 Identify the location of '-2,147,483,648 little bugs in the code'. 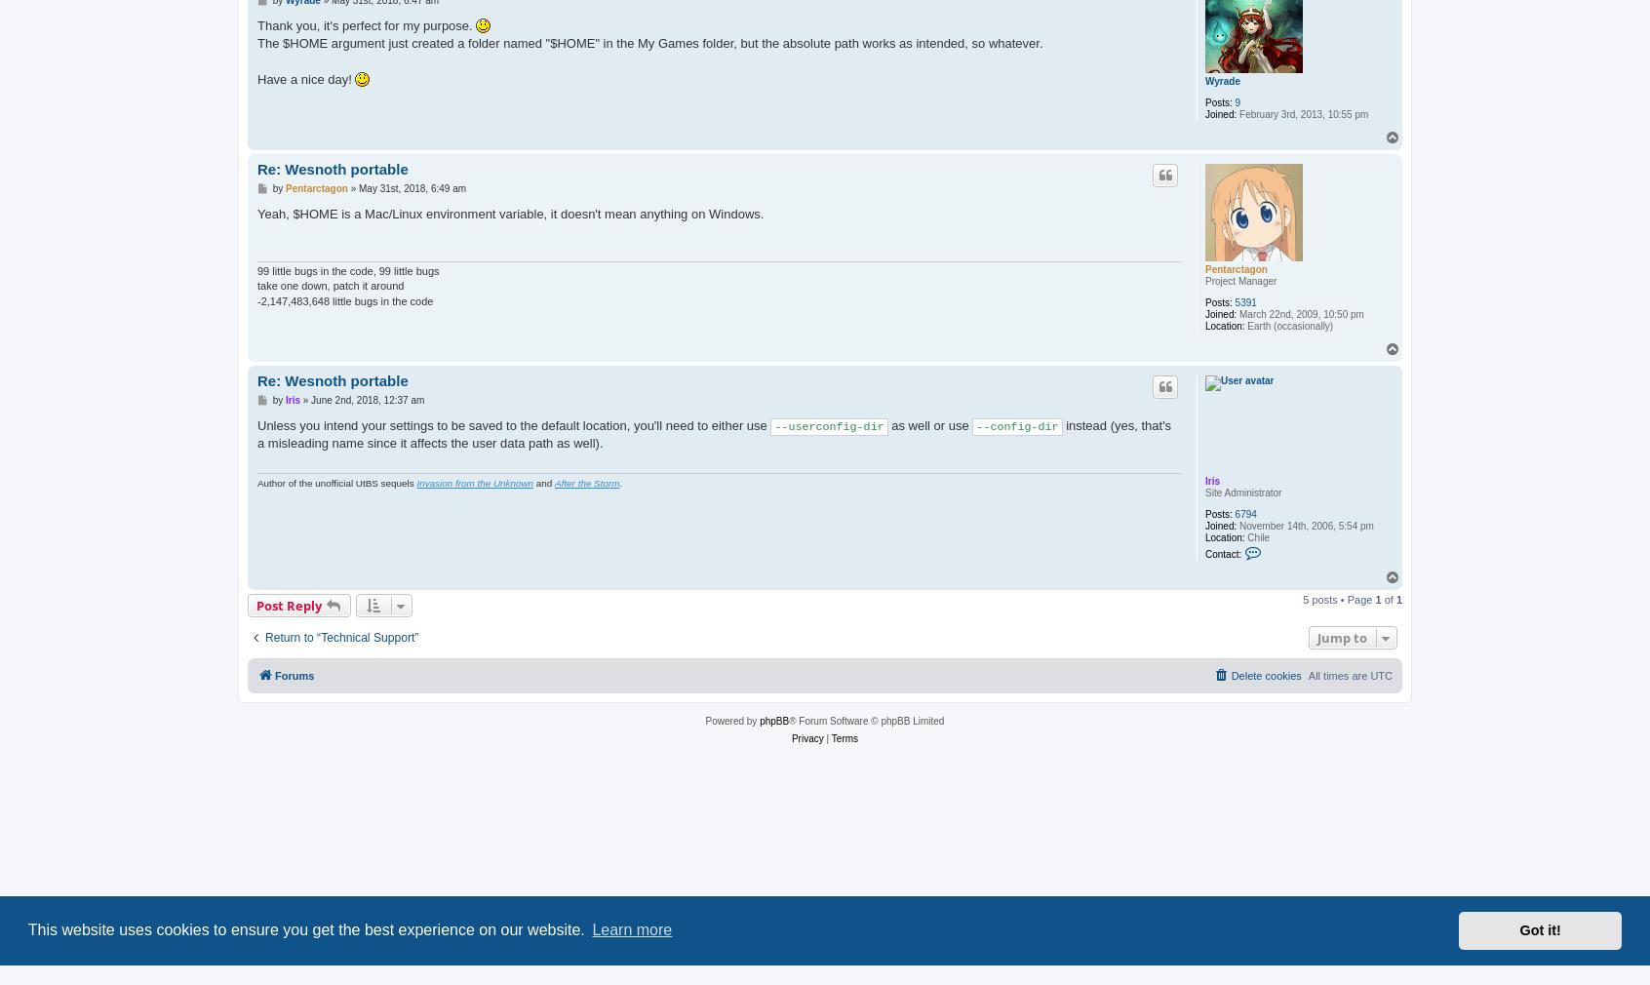
(343, 300).